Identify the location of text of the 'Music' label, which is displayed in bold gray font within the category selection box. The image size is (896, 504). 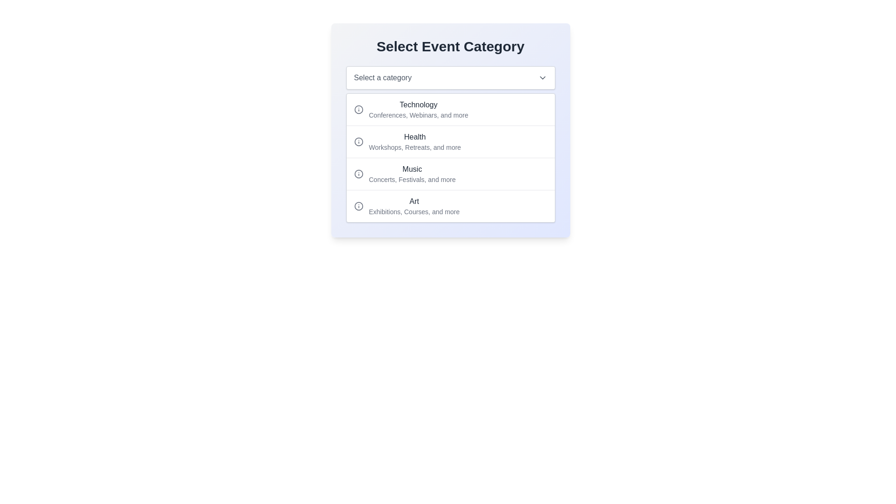
(412, 169).